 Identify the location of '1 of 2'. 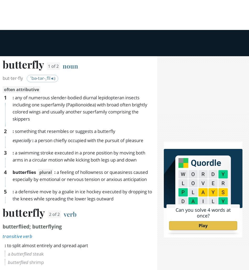
(57, 11).